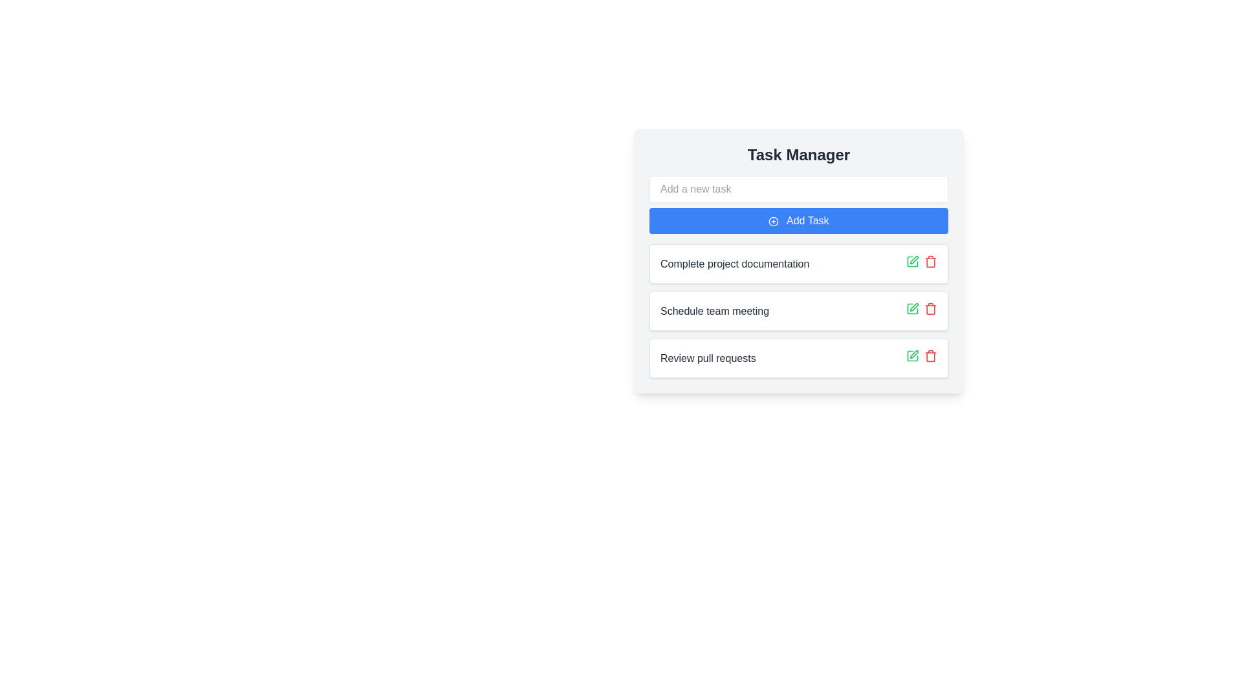 This screenshot has width=1242, height=698. I want to click on information displayed in the text label that describes a task in the task management interface, positioned in the second row and horizontally offset to the left side, so click(714, 311).